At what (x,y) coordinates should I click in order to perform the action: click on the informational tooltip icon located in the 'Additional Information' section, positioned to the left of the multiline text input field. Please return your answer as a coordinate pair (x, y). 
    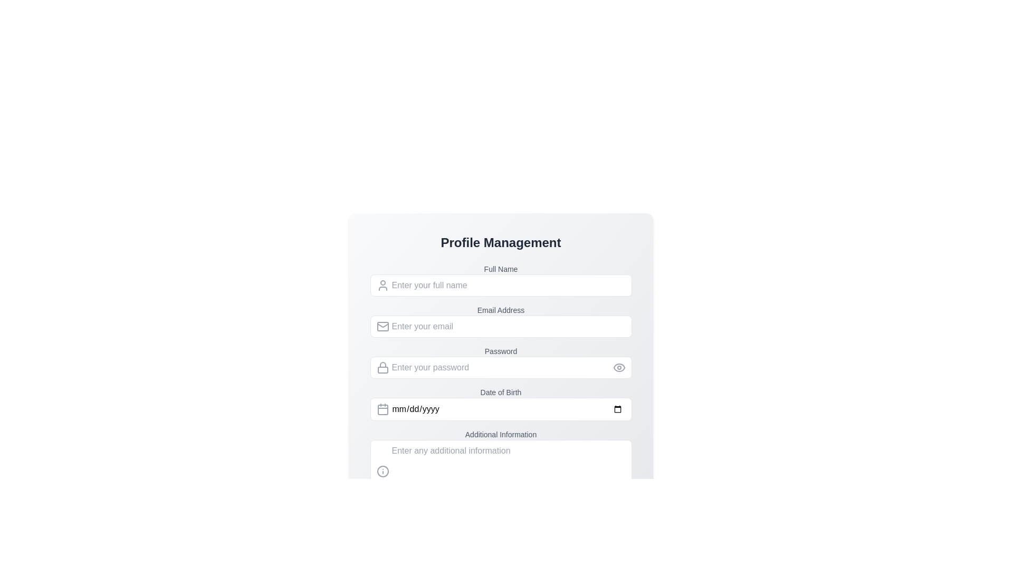
    Looking at the image, I should click on (382, 470).